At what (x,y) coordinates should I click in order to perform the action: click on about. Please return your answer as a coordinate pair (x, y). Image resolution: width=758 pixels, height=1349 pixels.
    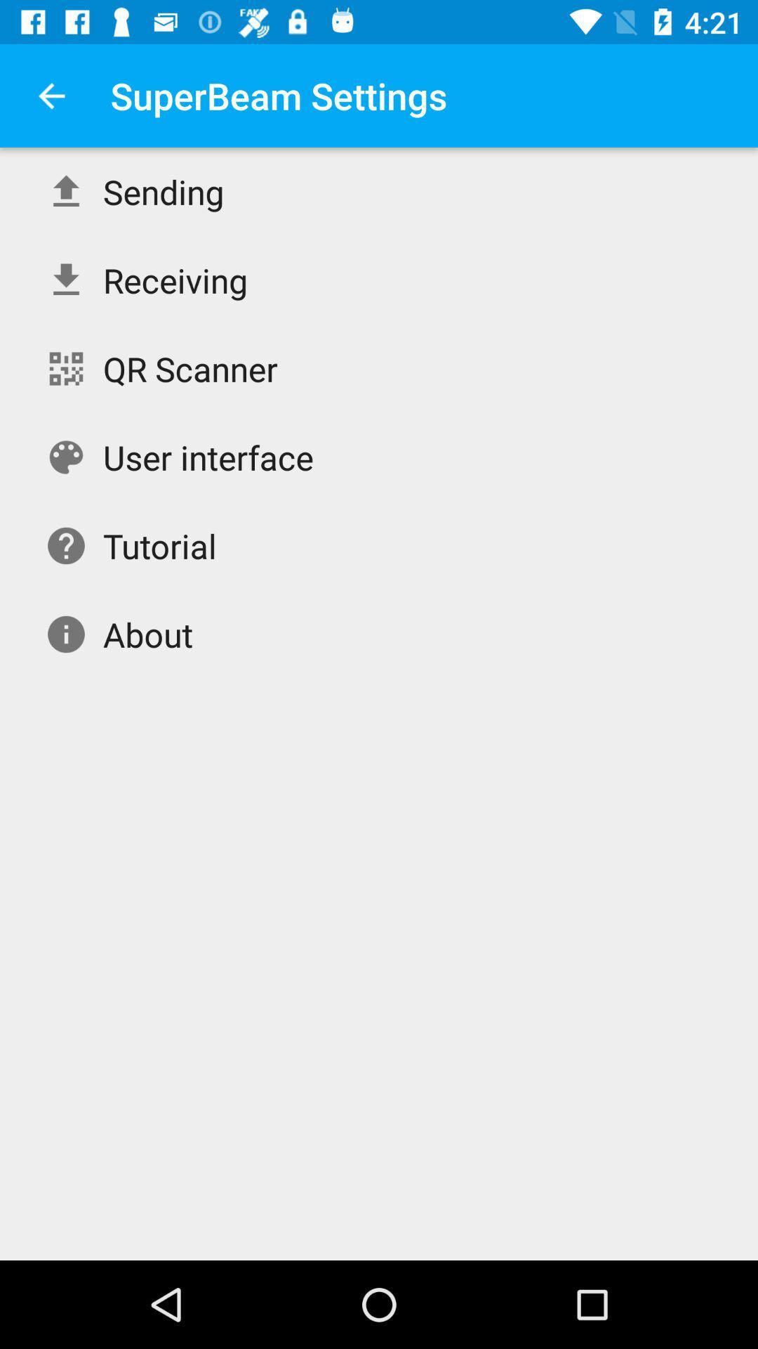
    Looking at the image, I should click on (148, 633).